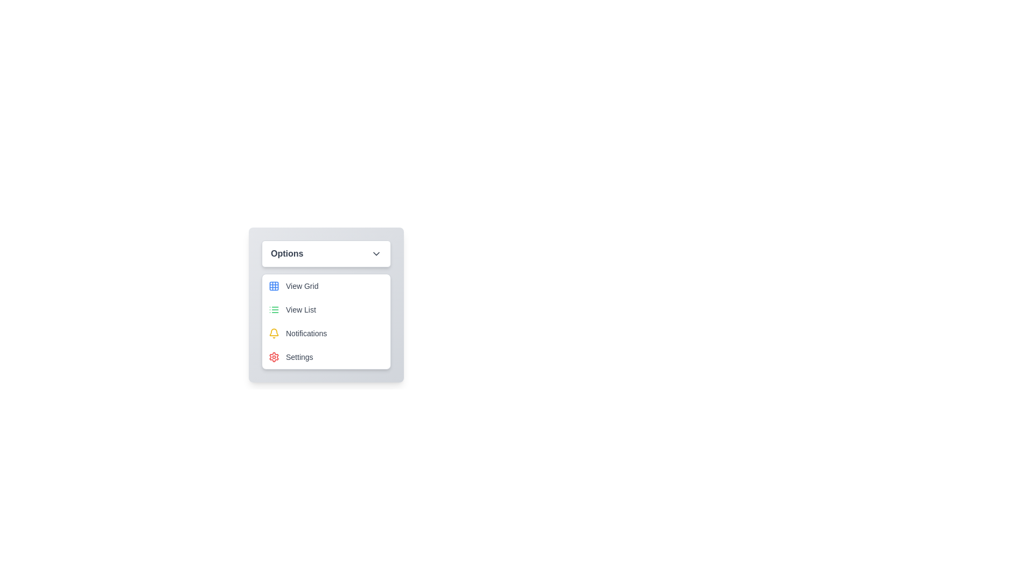 The height and width of the screenshot is (581, 1034). I want to click on the 'View Grid' icon, which serves as an indicative icon for the grid layout functionality, so click(274, 286).